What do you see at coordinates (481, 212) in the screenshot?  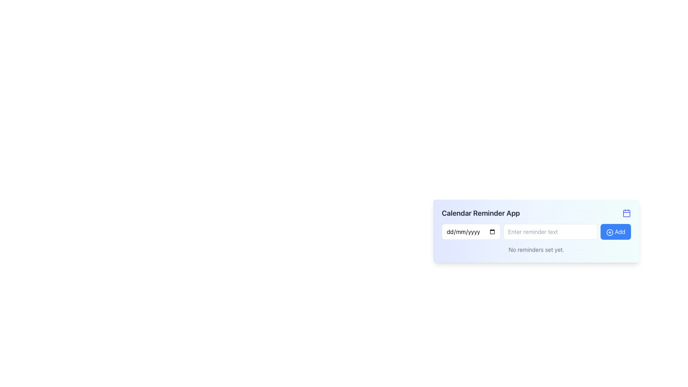 I see `the header text element located near the top left corner of the application interface, which indicates the purpose of the app` at bounding box center [481, 212].